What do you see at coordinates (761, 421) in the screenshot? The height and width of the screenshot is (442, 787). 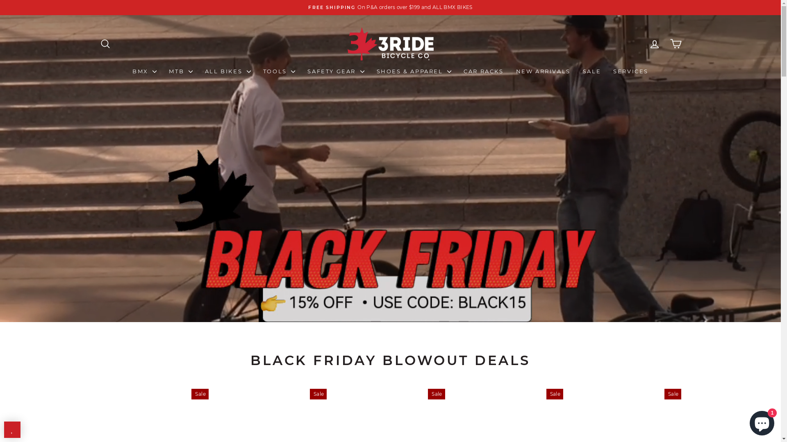 I see `'Shopify online store chat'` at bounding box center [761, 421].